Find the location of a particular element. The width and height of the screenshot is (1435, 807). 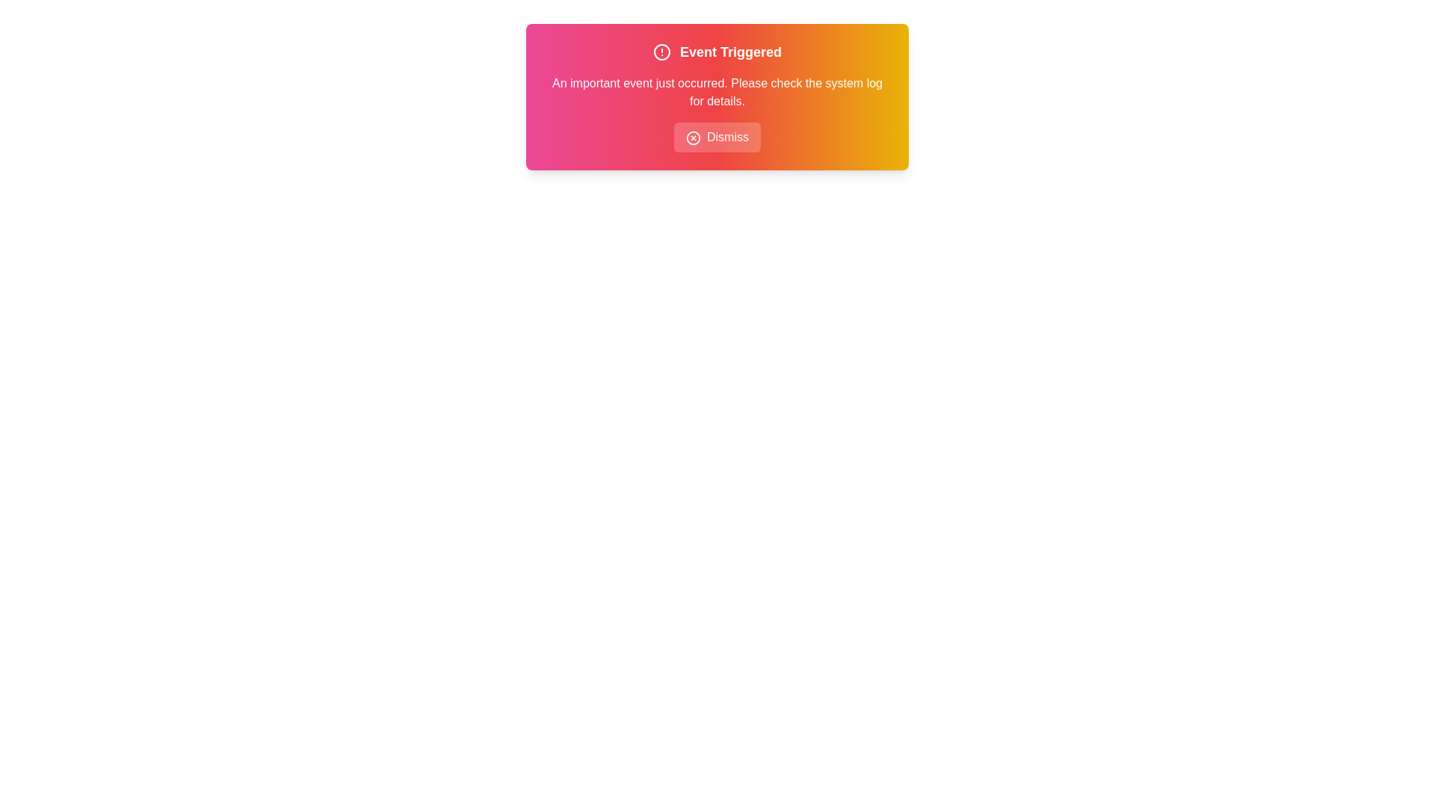

the sole button located at the bottom of the dialog box that dismisses the notification stating 'An important event just occurred. Please check the system log for details.' is located at coordinates (717, 137).